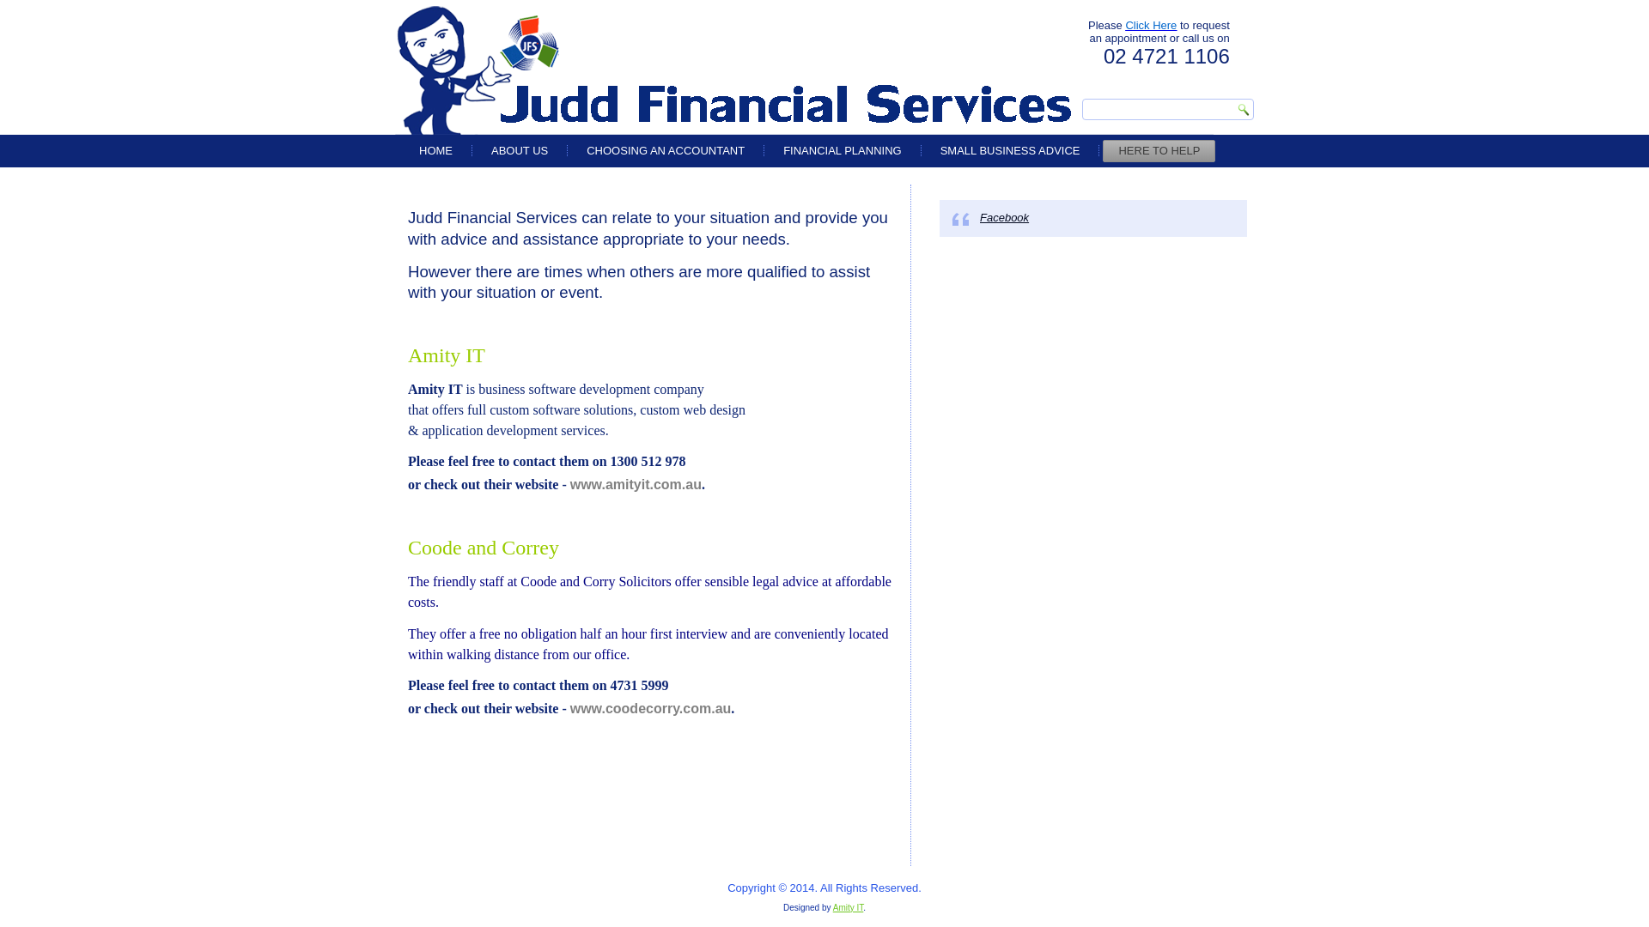 Image resolution: width=1649 pixels, height=927 pixels. I want to click on 'CHOOSING AN ACCOUNTANT', so click(664, 150).